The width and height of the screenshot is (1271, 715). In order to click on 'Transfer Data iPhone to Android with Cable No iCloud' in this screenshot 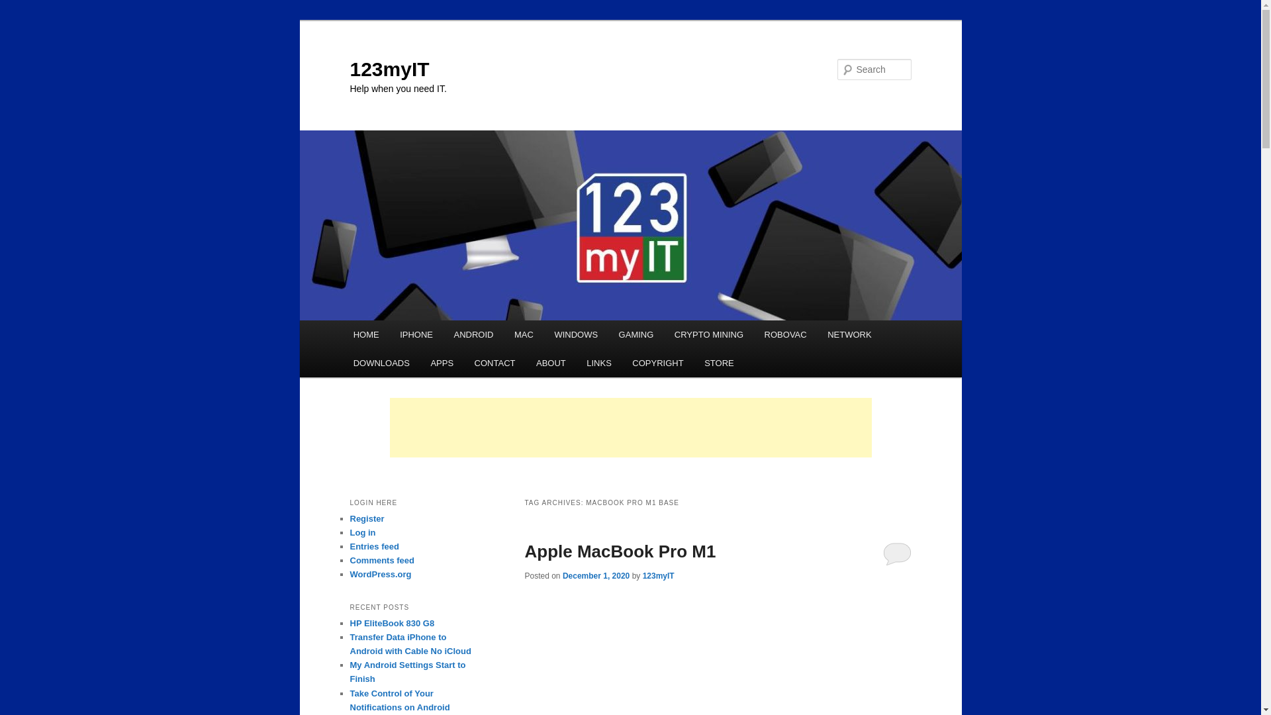, I will do `click(409, 643)`.